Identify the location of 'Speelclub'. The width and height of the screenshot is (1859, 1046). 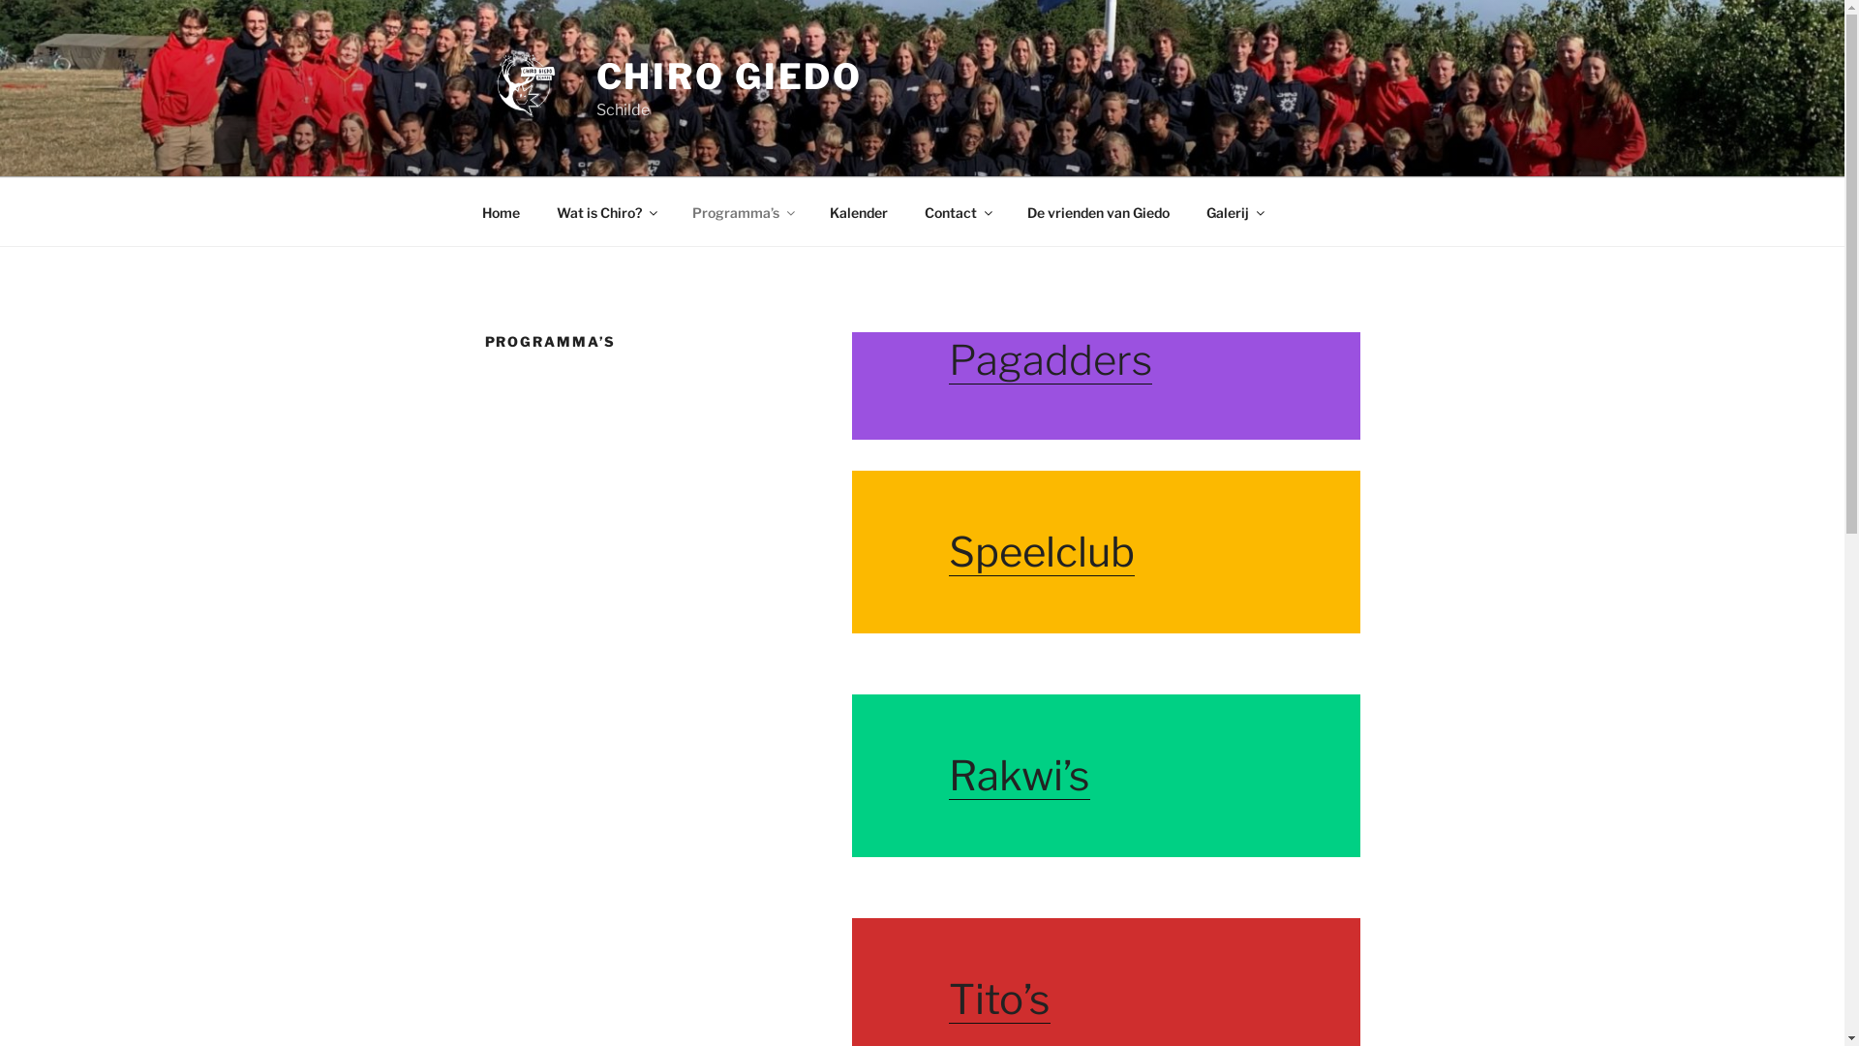
(1040, 551).